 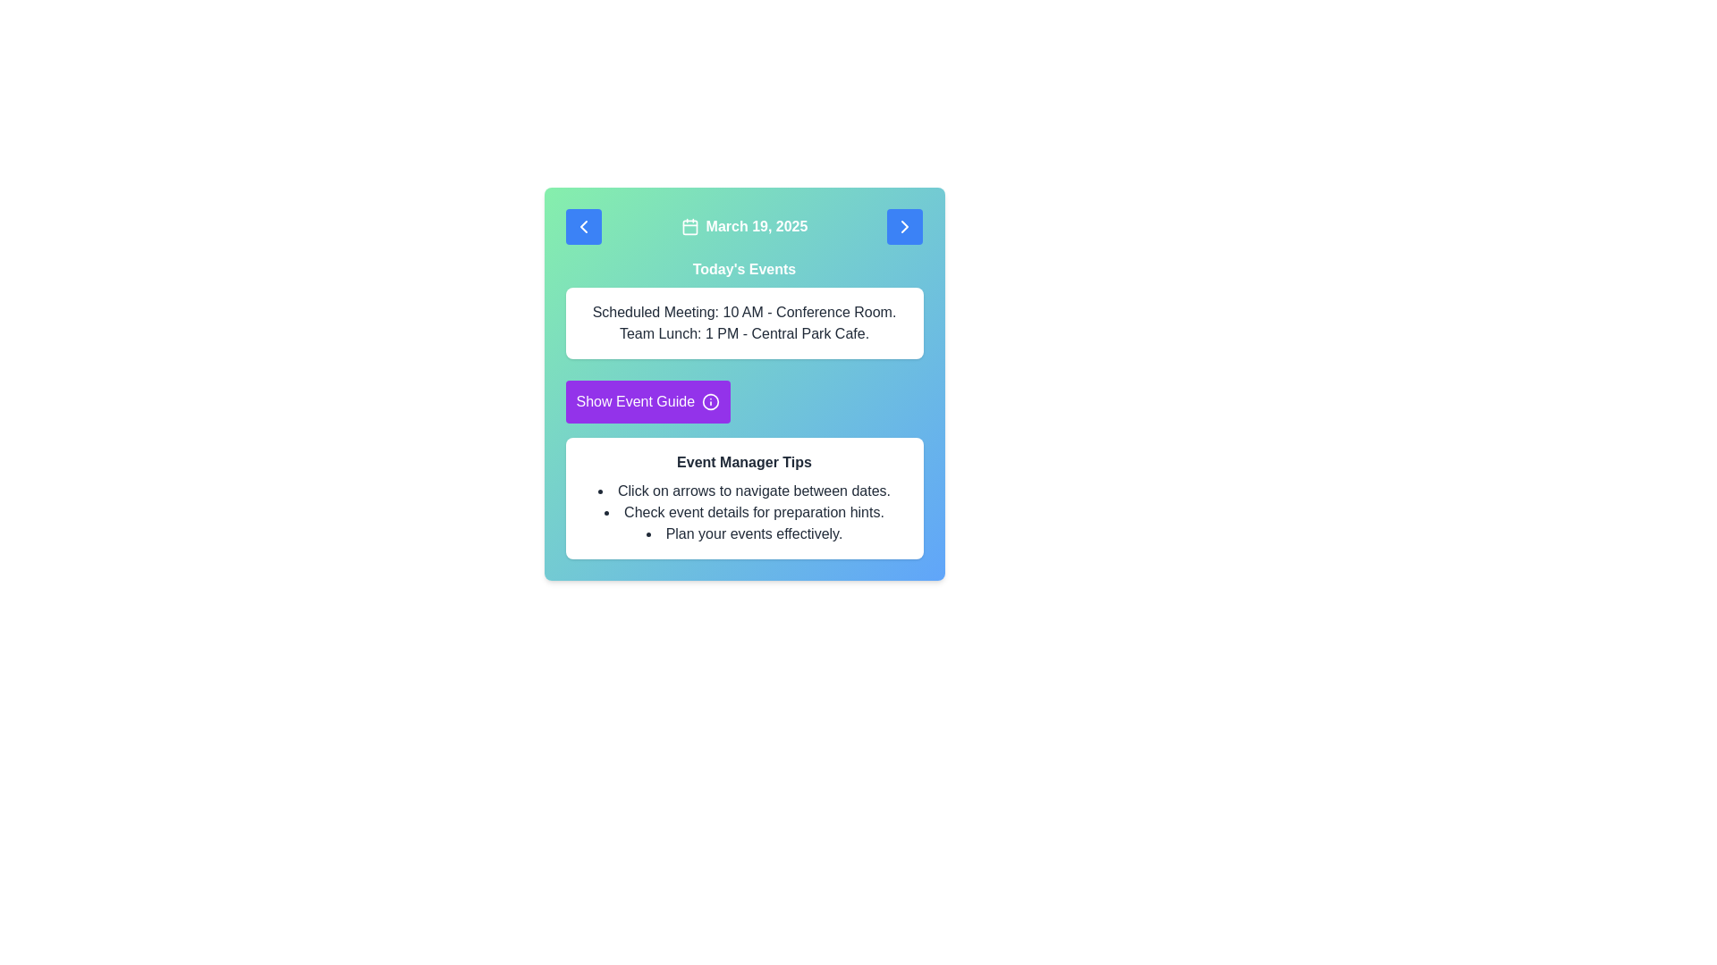 I want to click on the left-pointing chevron icon (SVG) located within a blue, rounded interactive button at the upper-left corner of a card interface, so click(x=583, y=226).